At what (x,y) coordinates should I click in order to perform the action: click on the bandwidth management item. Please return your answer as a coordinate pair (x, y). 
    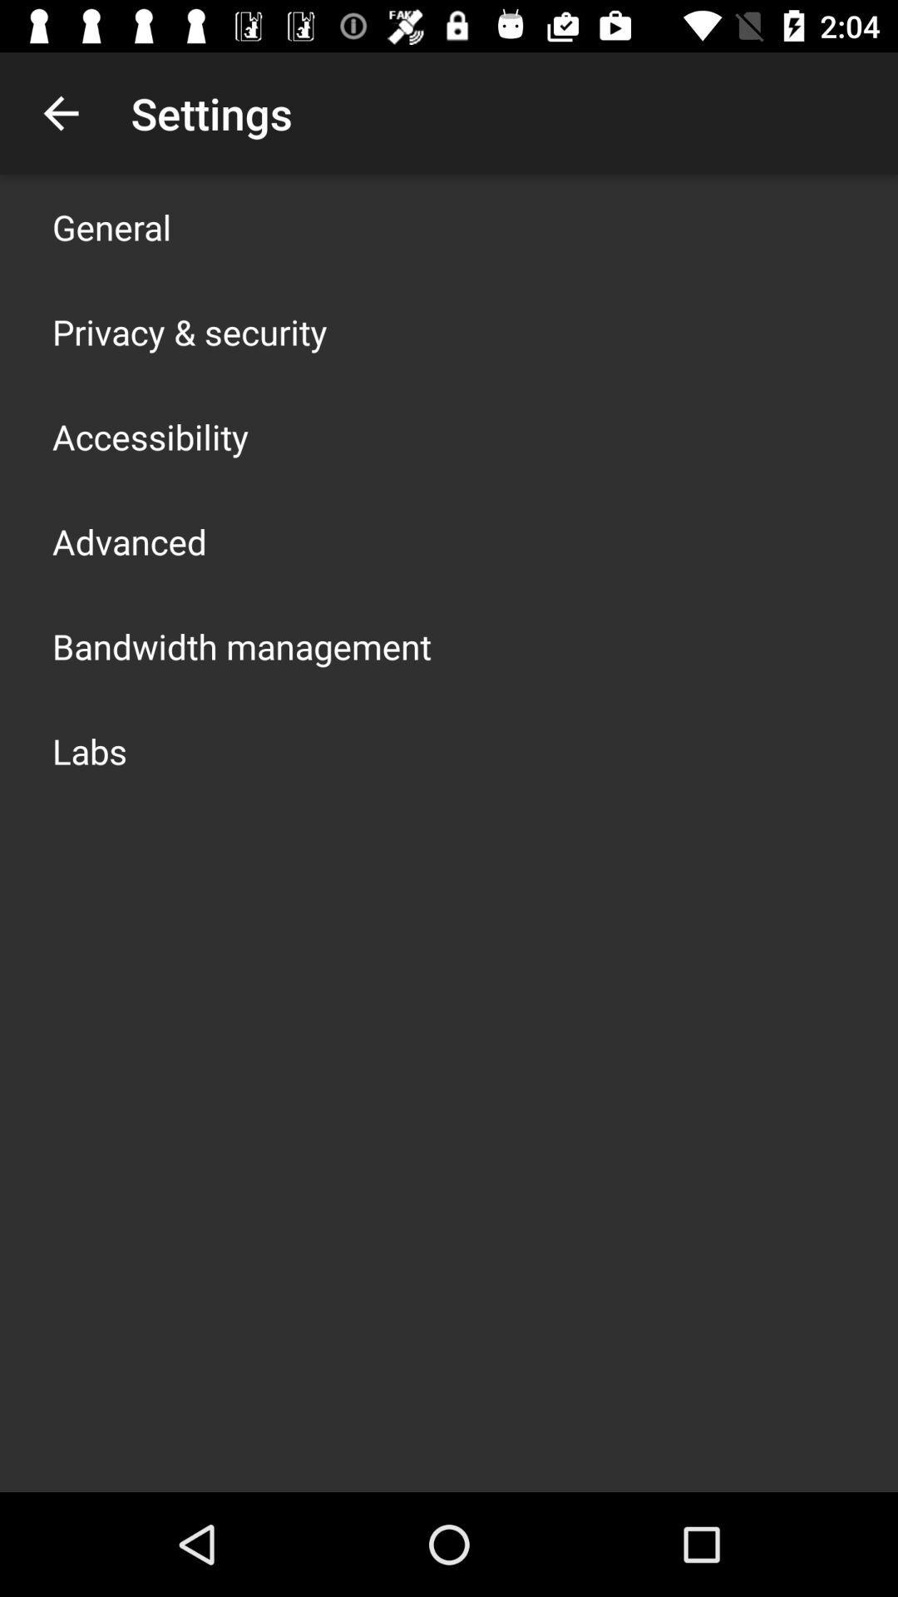
    Looking at the image, I should click on (241, 645).